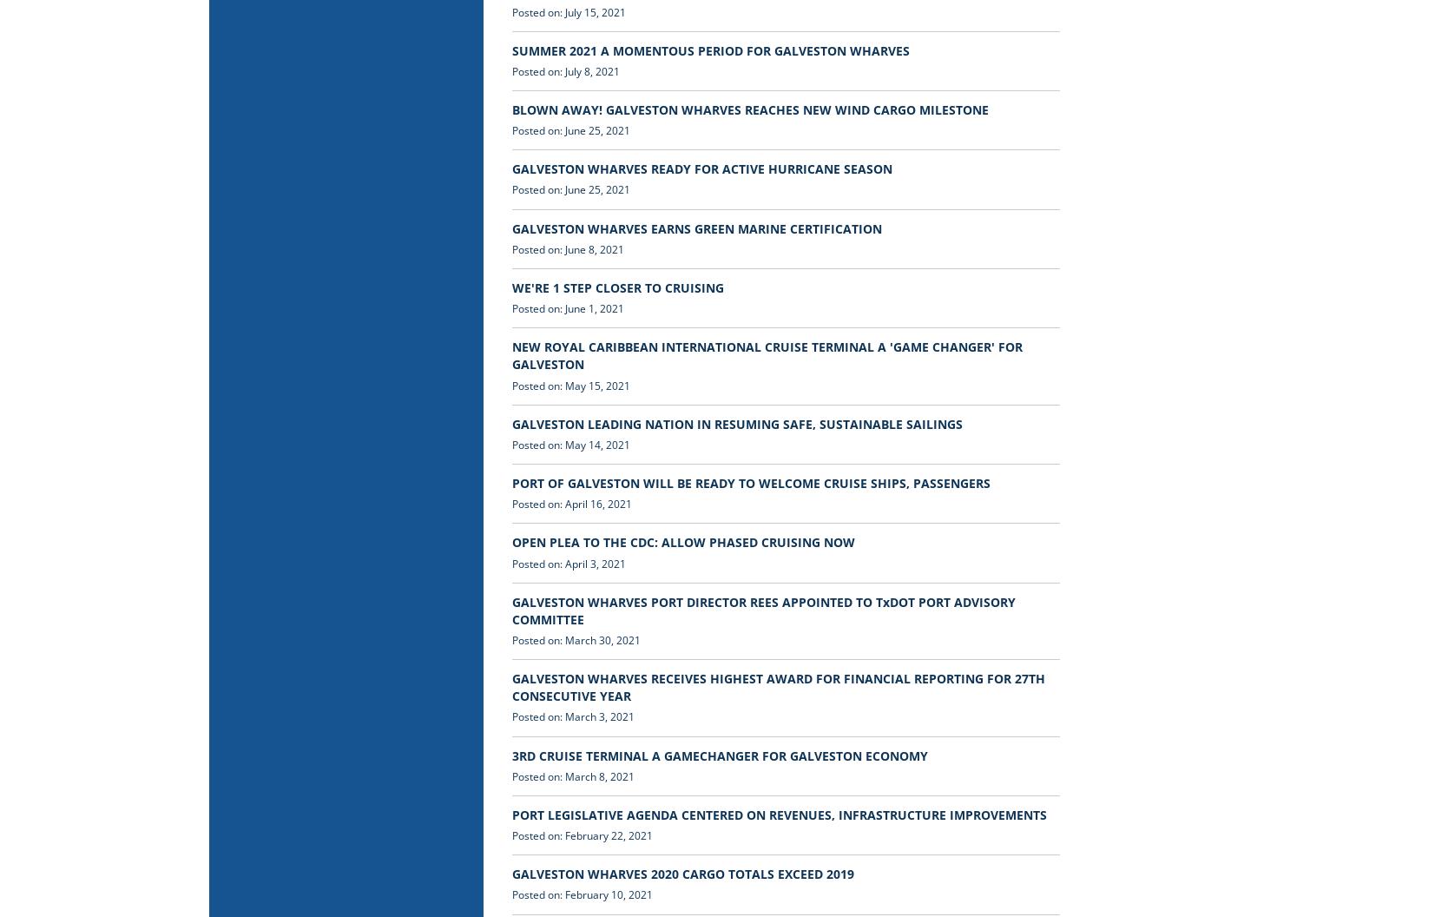 The height and width of the screenshot is (917, 1435). What do you see at coordinates (750, 109) in the screenshot?
I see `'BLOWN AWAY! GALVESTON WHARVES REACHES NEW WIND CARGO MILESTONE'` at bounding box center [750, 109].